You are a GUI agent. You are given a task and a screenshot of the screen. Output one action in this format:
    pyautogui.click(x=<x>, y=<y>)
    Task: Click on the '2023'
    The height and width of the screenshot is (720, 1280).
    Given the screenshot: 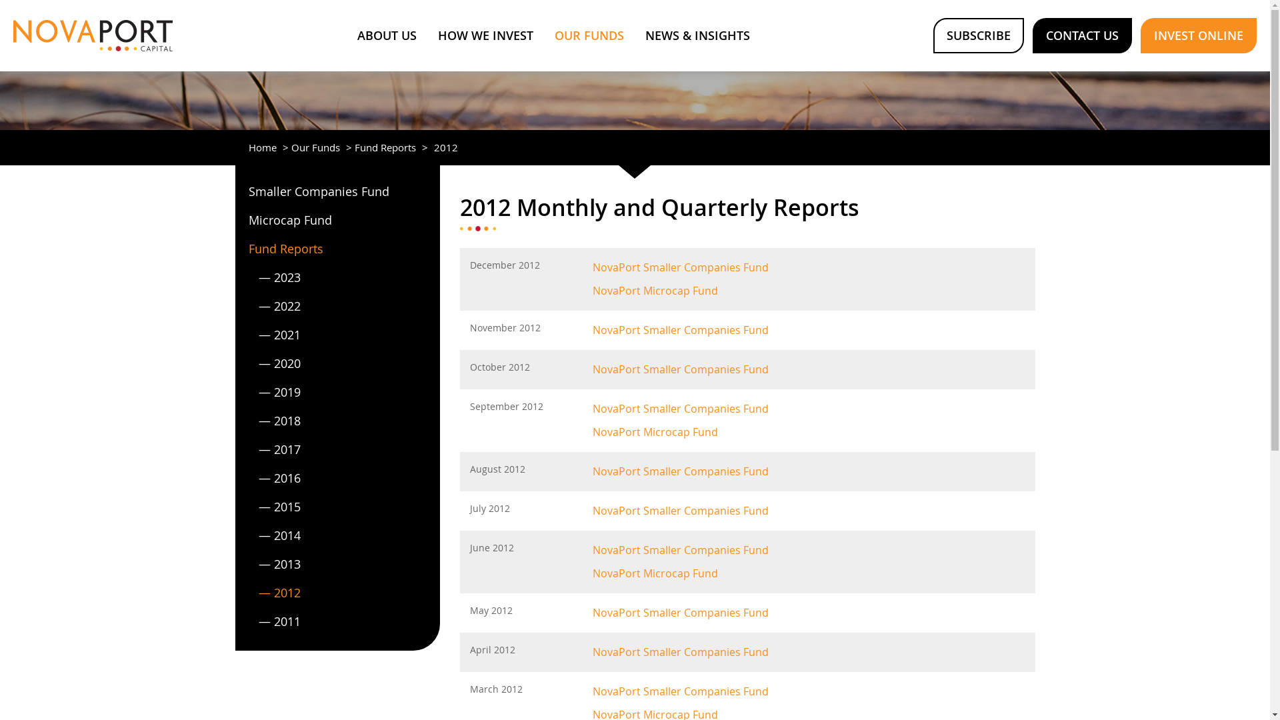 What is the action you would take?
    pyautogui.click(x=337, y=271)
    